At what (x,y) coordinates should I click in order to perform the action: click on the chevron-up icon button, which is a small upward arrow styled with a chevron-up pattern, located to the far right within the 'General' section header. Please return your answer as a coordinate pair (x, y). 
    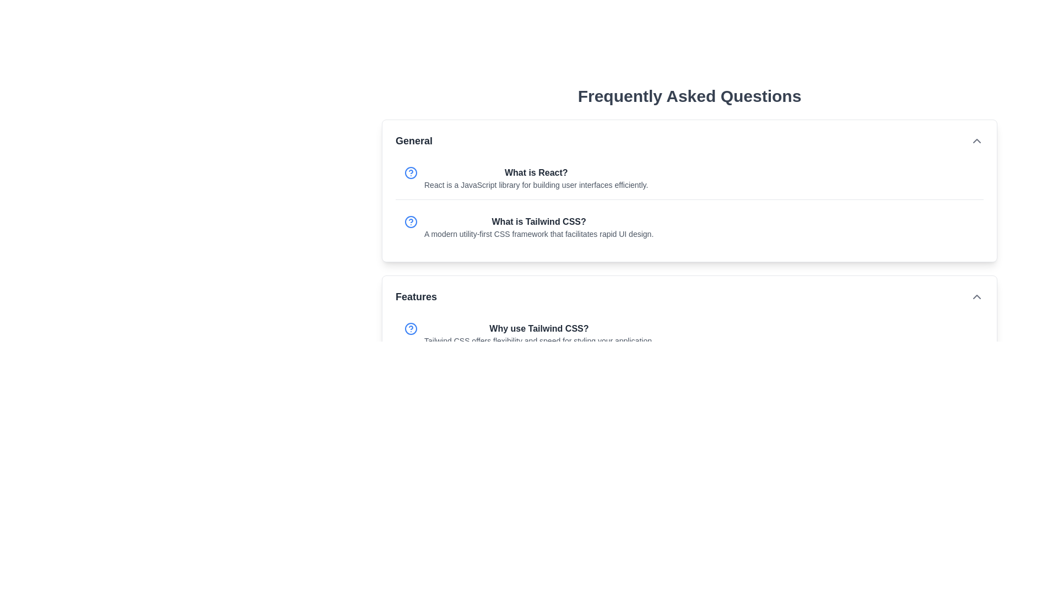
    Looking at the image, I should click on (976, 140).